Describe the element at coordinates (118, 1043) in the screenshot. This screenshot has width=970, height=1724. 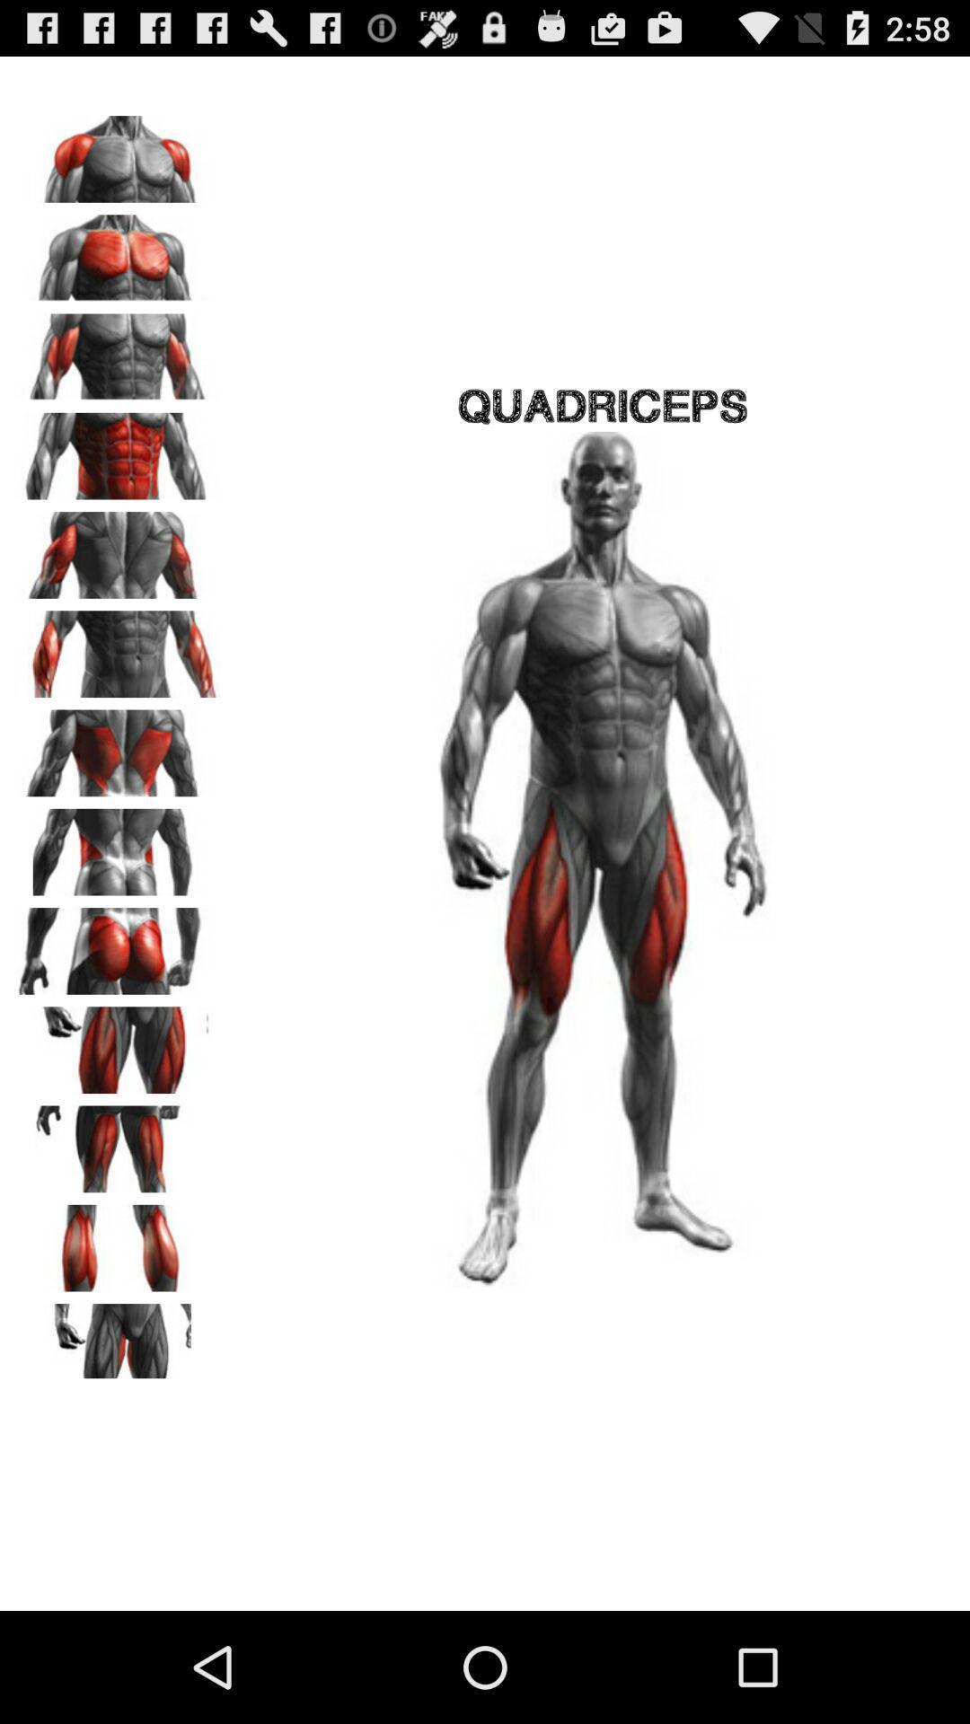
I see `find exercises for quadriceps` at that location.